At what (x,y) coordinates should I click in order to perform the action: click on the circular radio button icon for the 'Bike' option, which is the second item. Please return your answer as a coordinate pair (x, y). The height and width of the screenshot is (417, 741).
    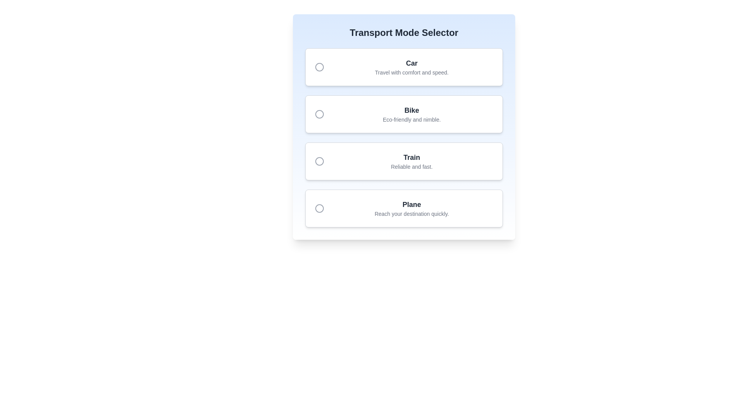
    Looking at the image, I should click on (320, 114).